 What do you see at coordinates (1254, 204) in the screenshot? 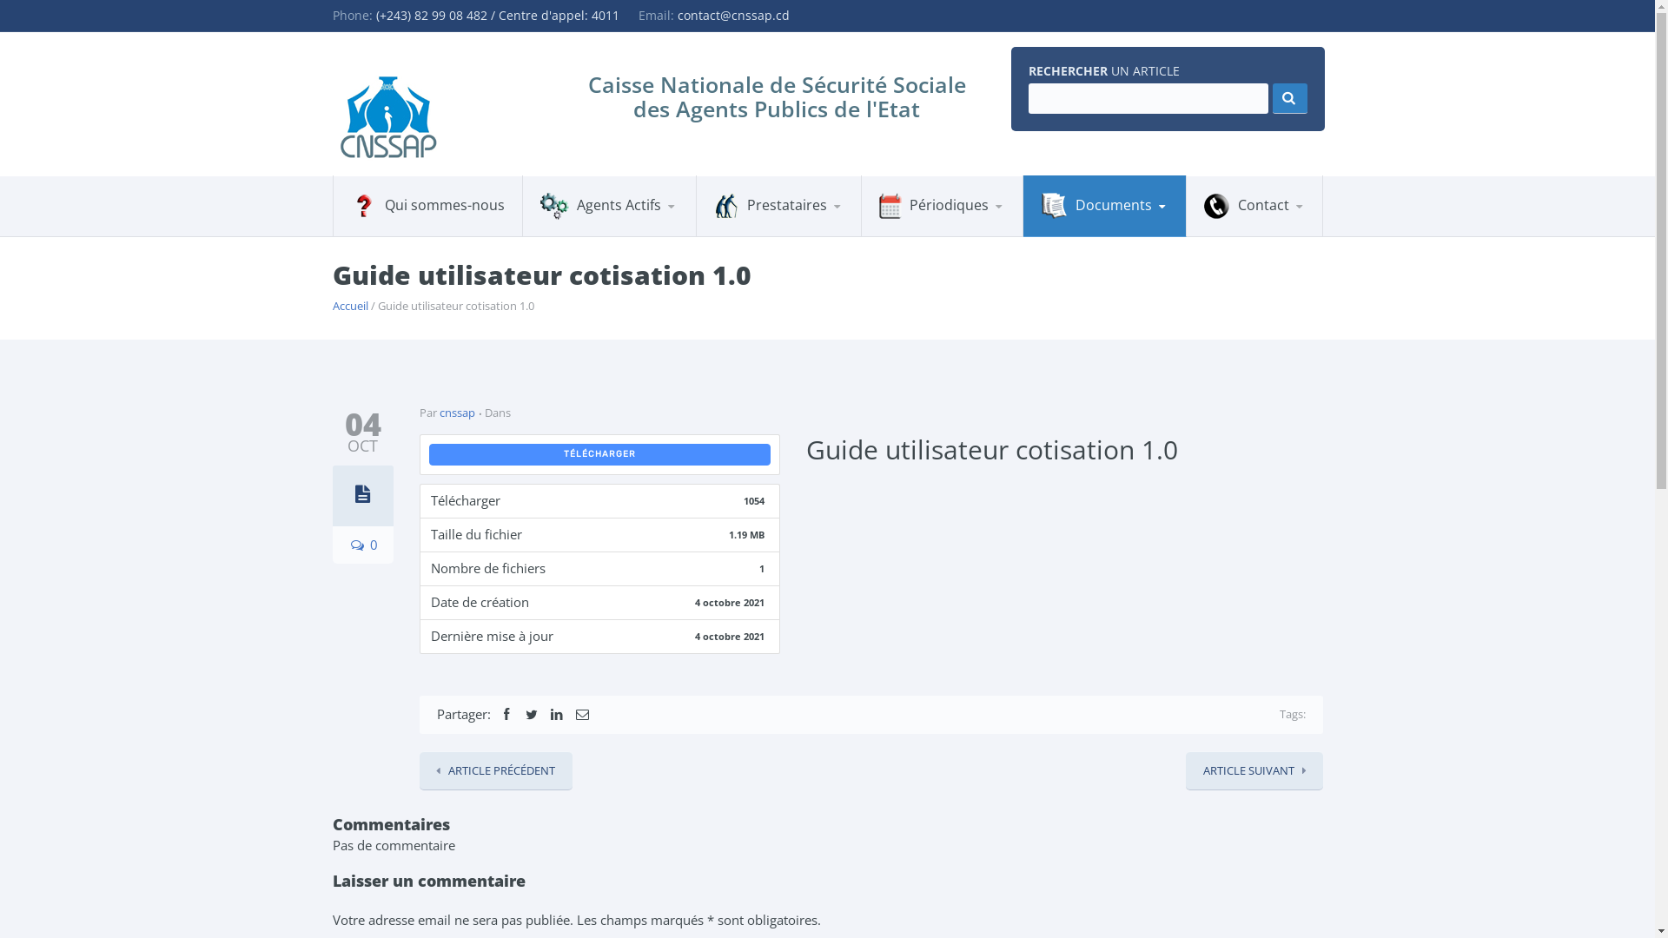
I see `'Contact'` at bounding box center [1254, 204].